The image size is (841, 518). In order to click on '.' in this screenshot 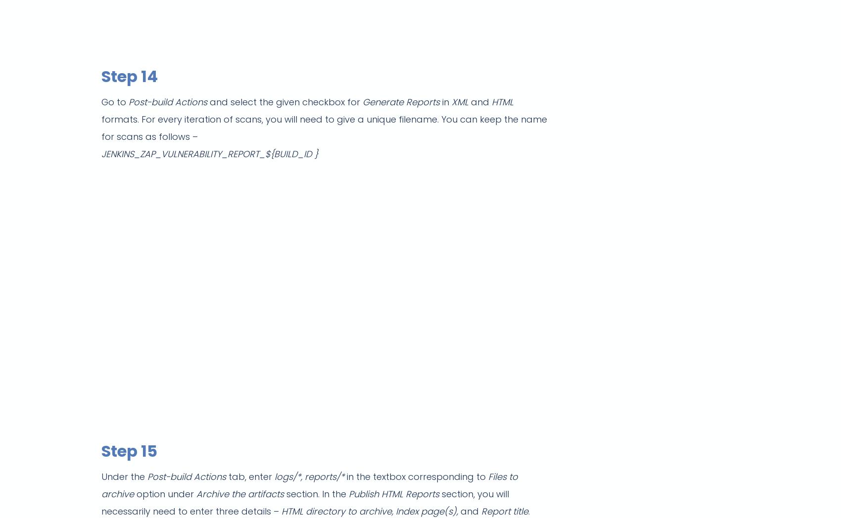, I will do `click(529, 511)`.